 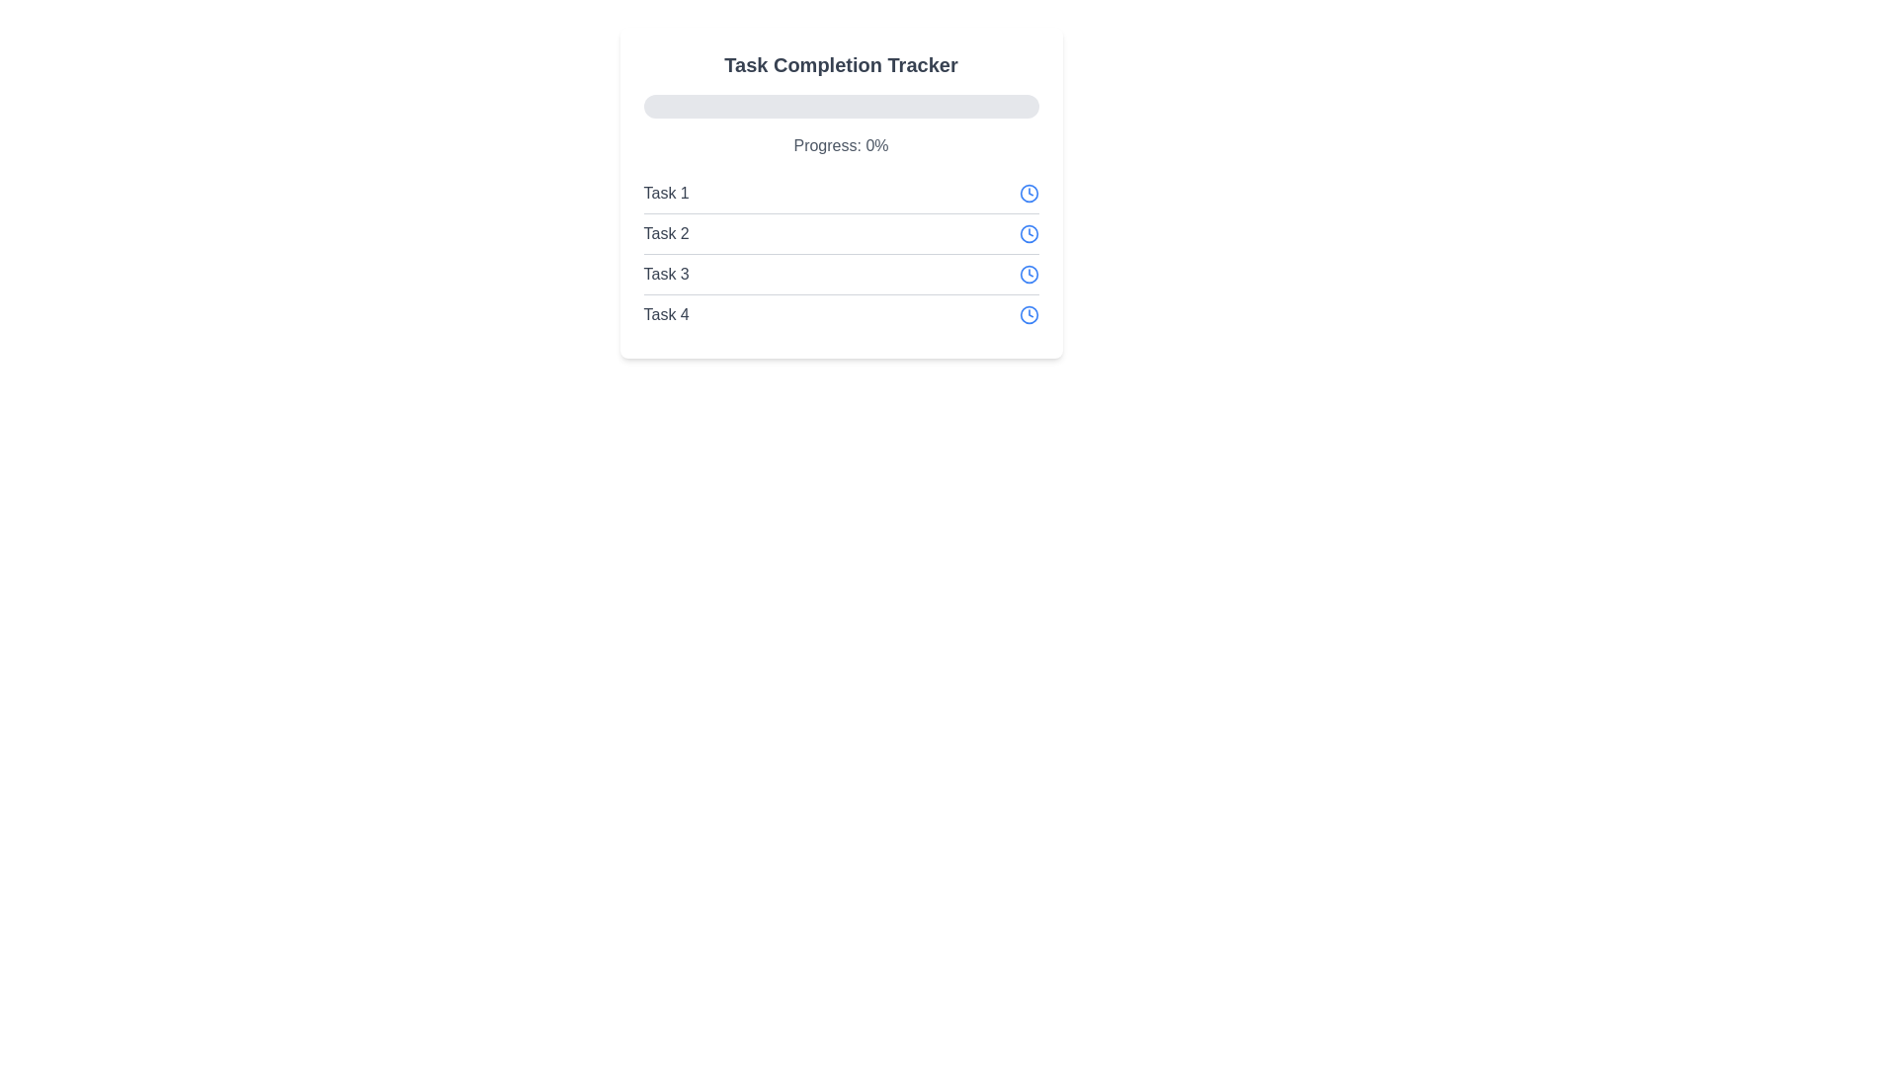 What do you see at coordinates (1028, 314) in the screenshot?
I see `the Icon button related to 'Task 4'` at bounding box center [1028, 314].